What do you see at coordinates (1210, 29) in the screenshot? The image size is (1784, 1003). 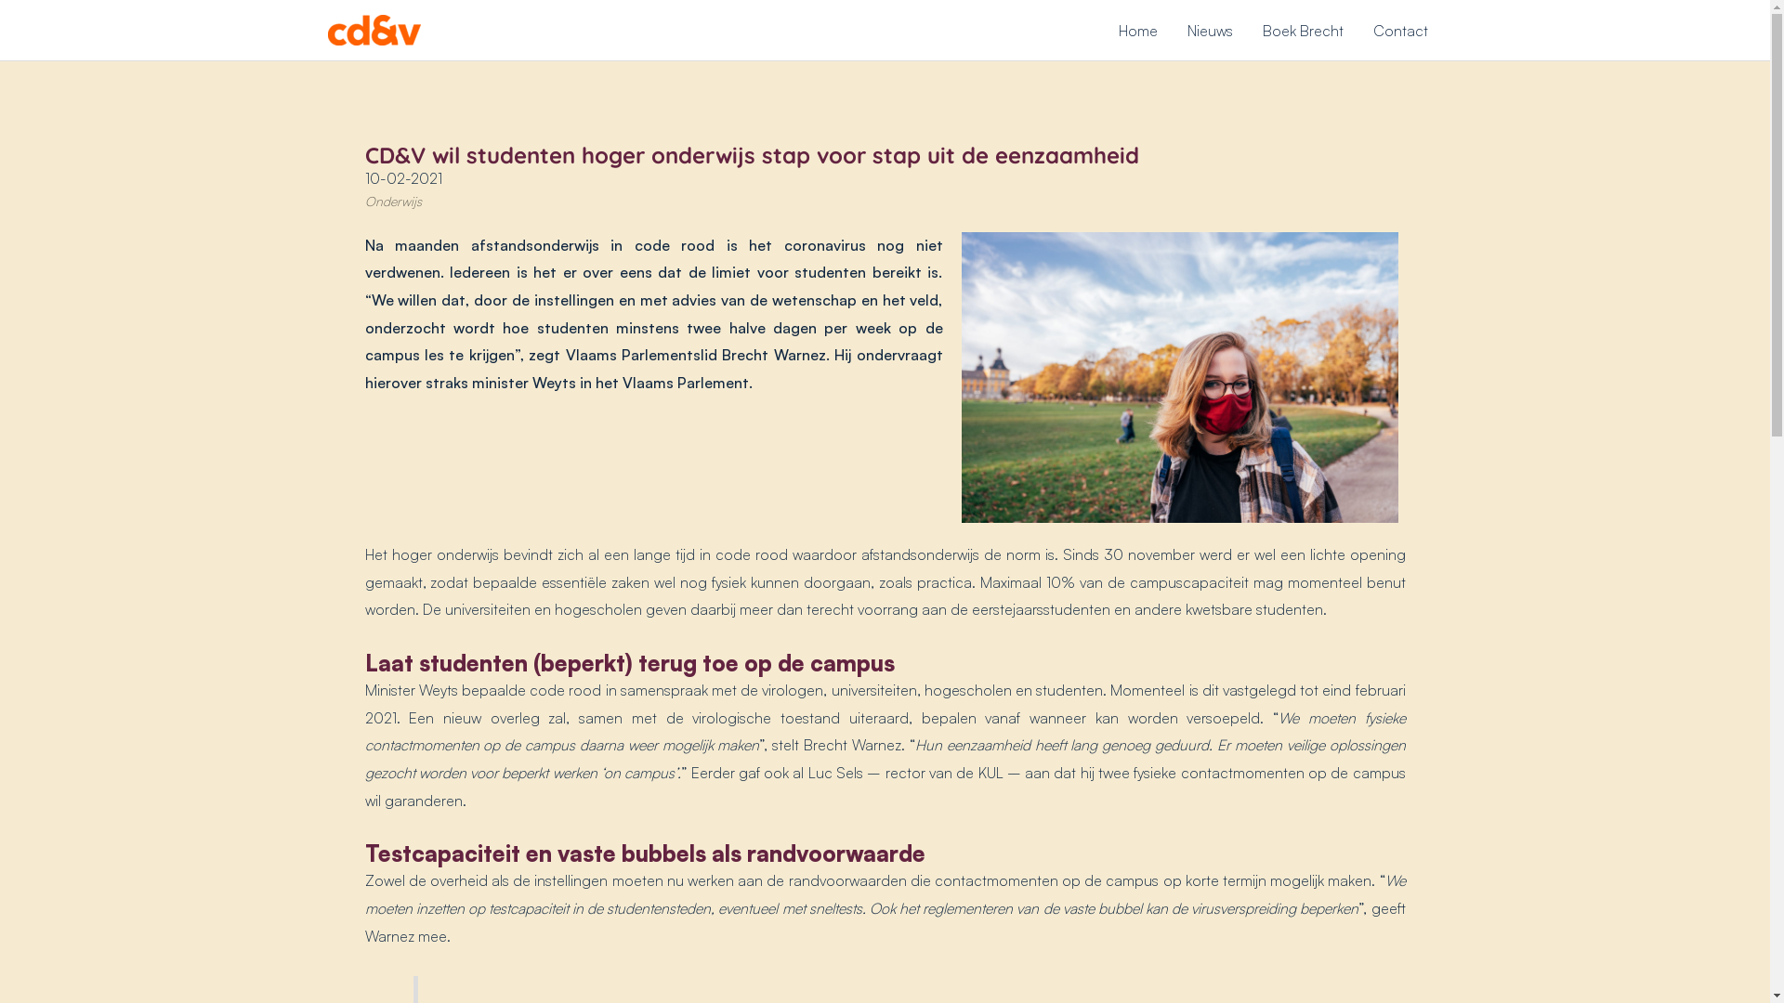 I see `'Nieuws'` at bounding box center [1210, 29].